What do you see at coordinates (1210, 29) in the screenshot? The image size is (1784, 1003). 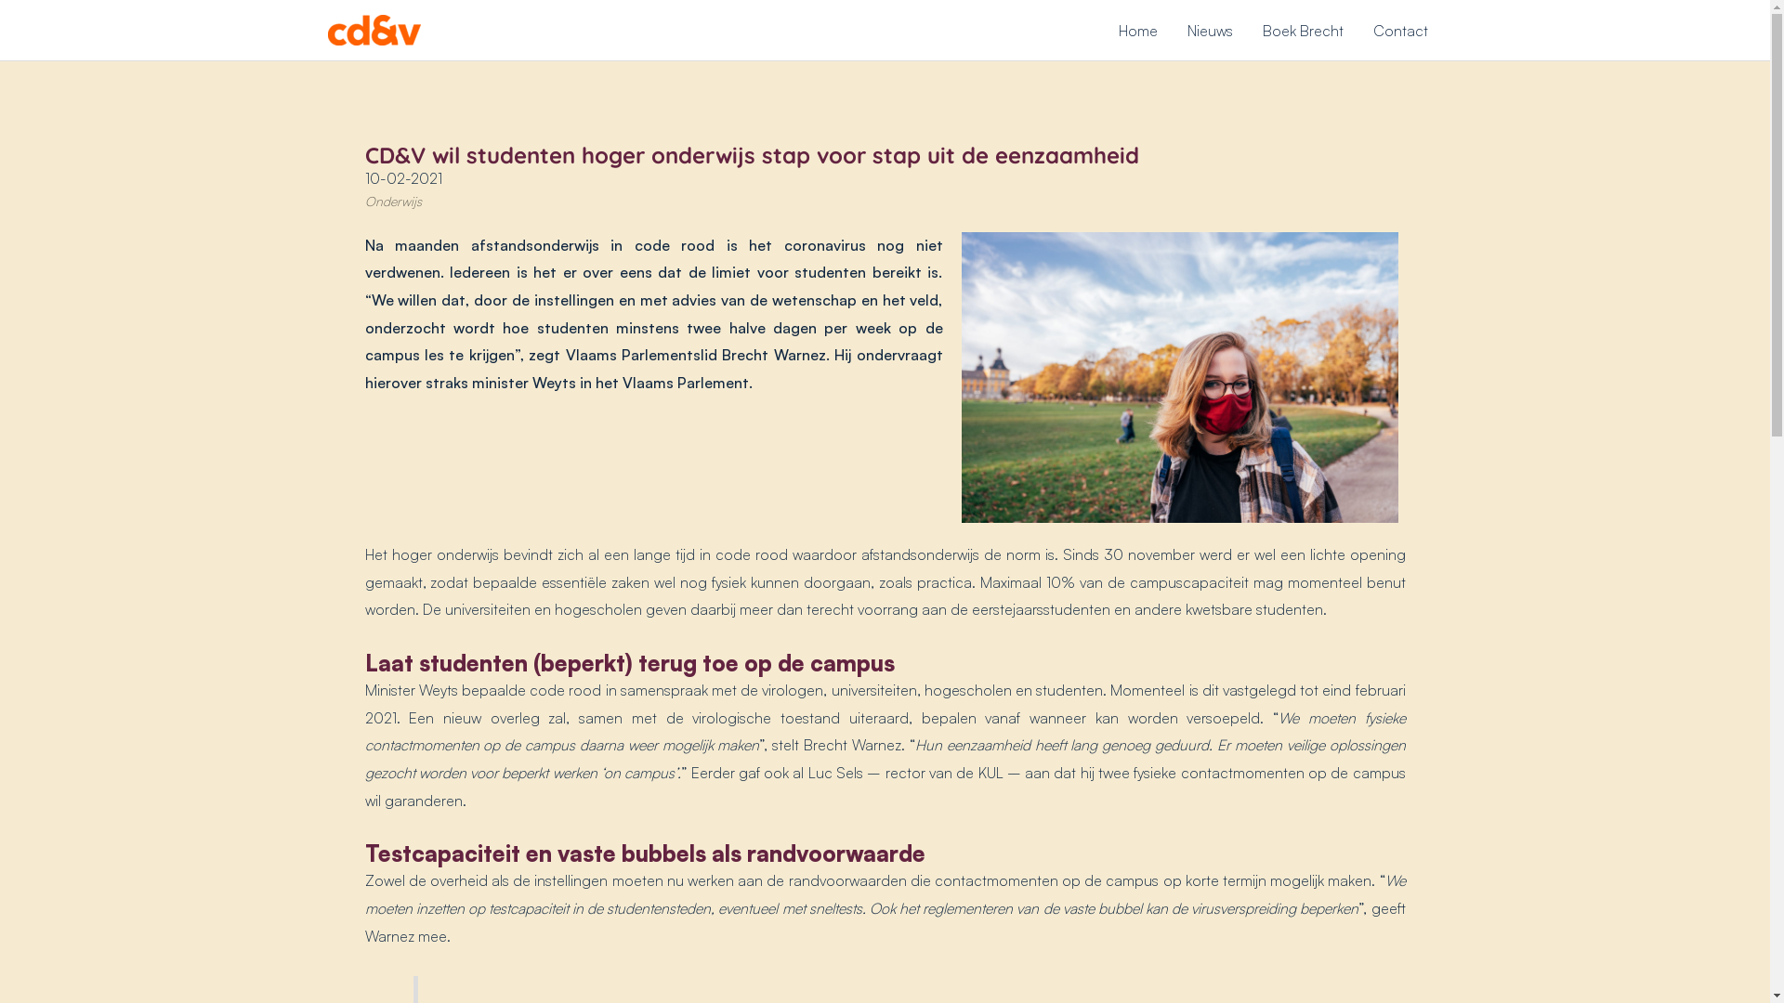 I see `'Nieuws'` at bounding box center [1210, 29].